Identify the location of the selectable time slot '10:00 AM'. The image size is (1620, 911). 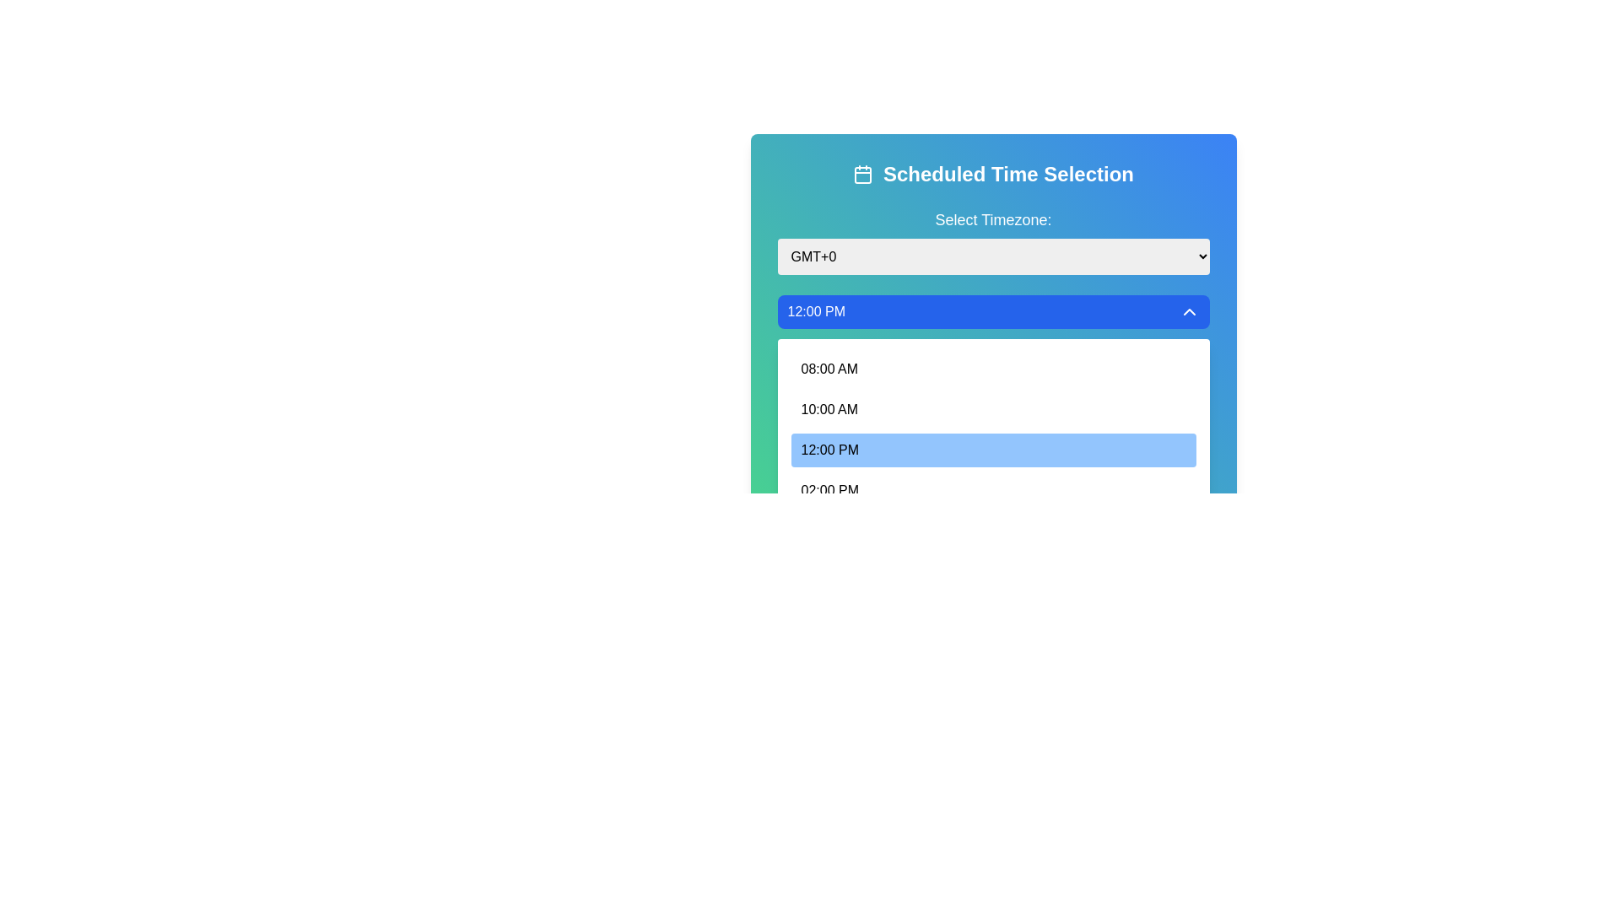
(993, 410).